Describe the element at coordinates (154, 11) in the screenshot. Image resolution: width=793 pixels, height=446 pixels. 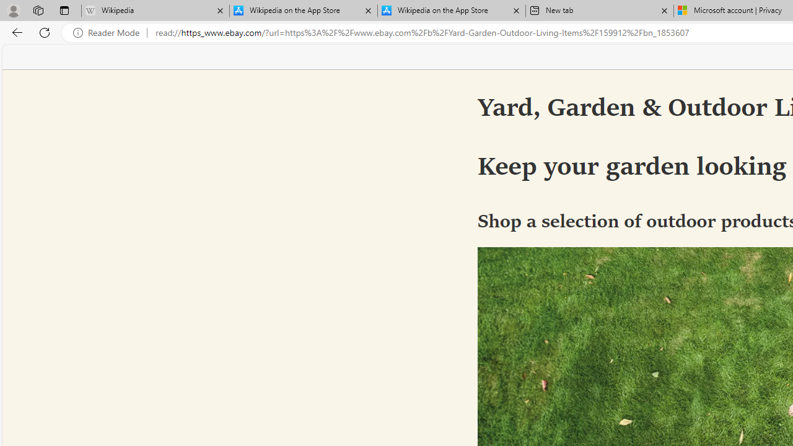
I see `'Wikipedia - Sleeping'` at that location.